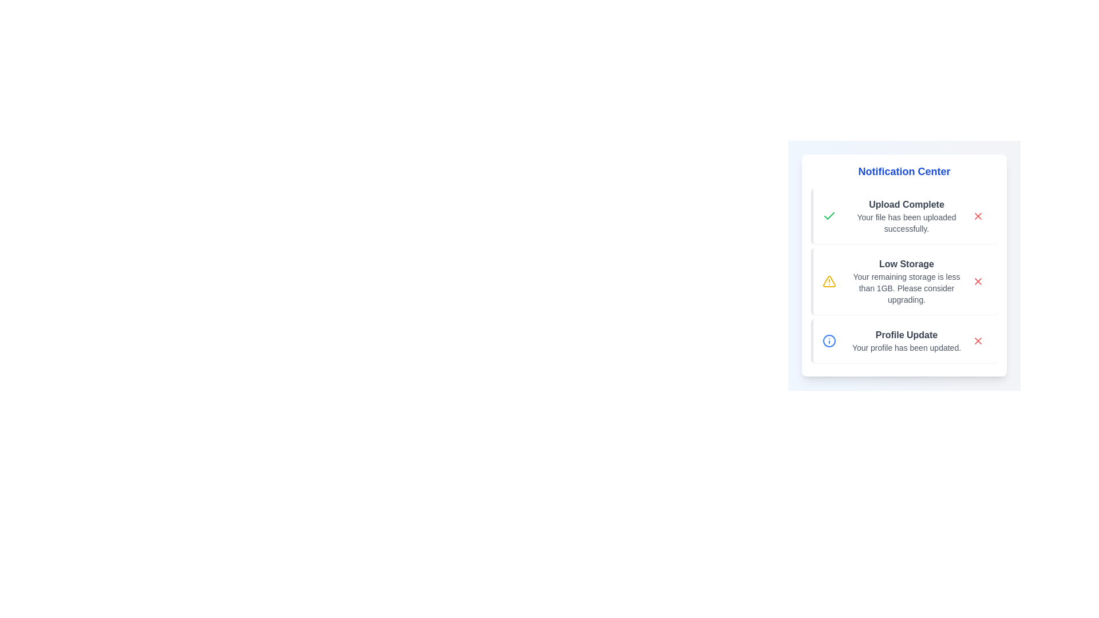 Image resolution: width=1099 pixels, height=618 pixels. Describe the element at coordinates (906, 347) in the screenshot. I see `the text label displaying 'Your profile has been updated.' located in the third notification block of the notification center panel, below the heading 'Profile Update.'` at that location.